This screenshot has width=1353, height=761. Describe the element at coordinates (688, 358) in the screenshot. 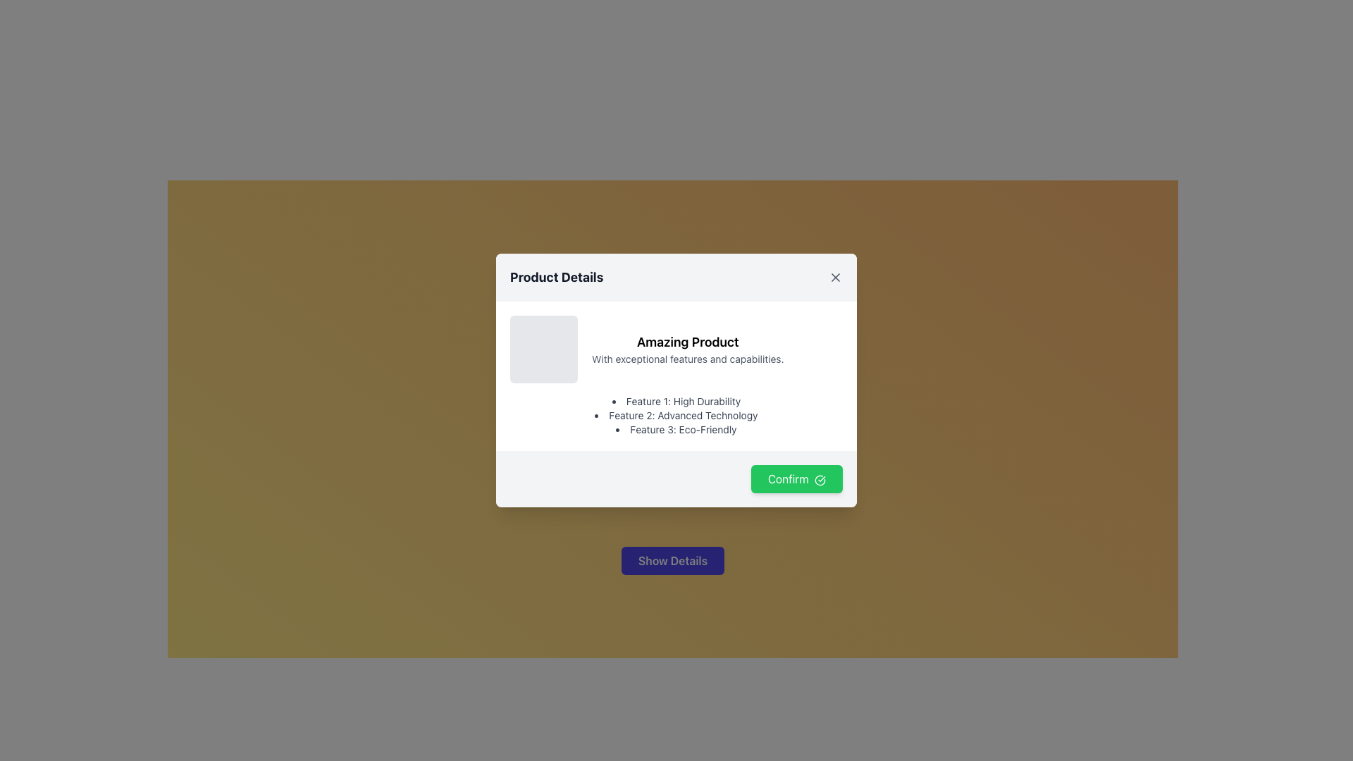

I see `informative subtitle text located in the 'Product Details' modal, positioned beneath the 'Amazing Product' header` at that location.